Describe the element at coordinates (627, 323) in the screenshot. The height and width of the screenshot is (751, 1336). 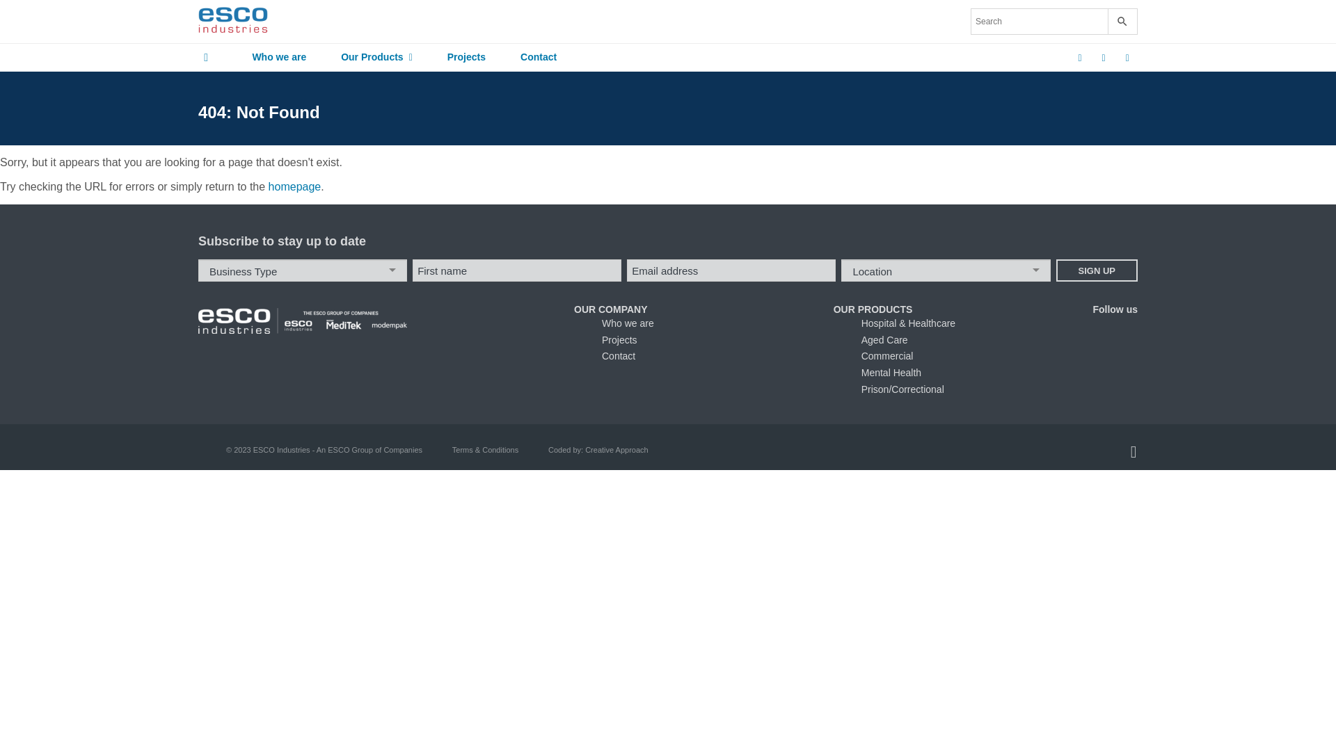
I see `'Who we are'` at that location.